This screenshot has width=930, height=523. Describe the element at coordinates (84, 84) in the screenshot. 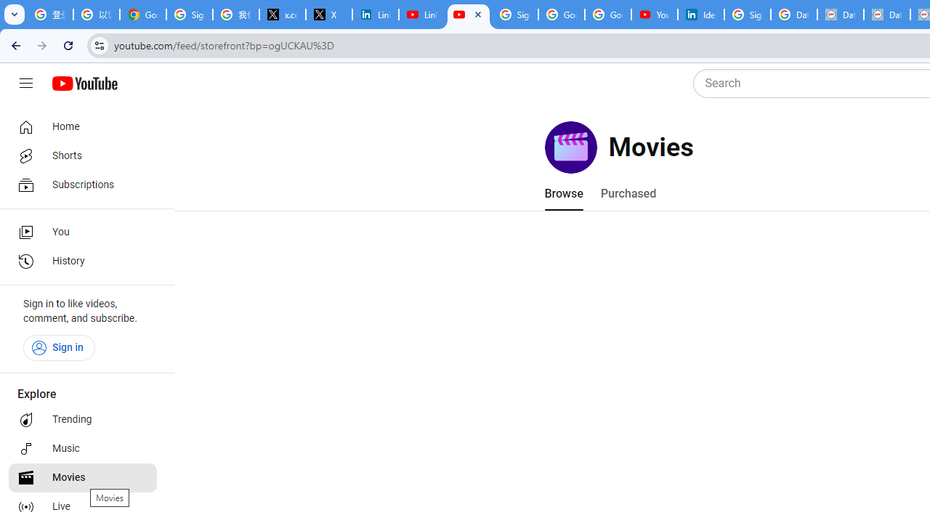

I see `'YouTube Home'` at that location.